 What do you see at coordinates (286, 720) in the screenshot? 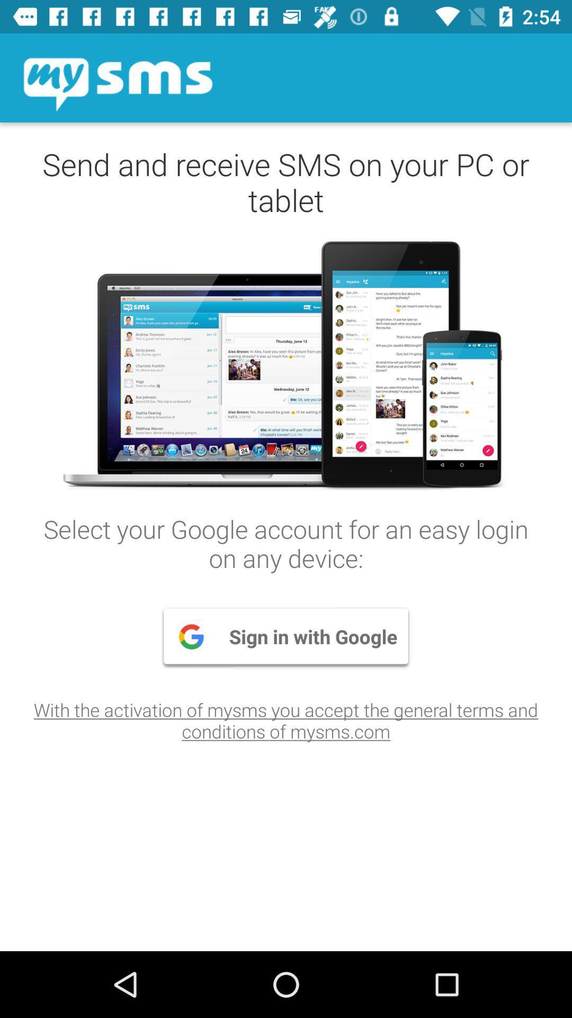
I see `item below sign in with` at bounding box center [286, 720].